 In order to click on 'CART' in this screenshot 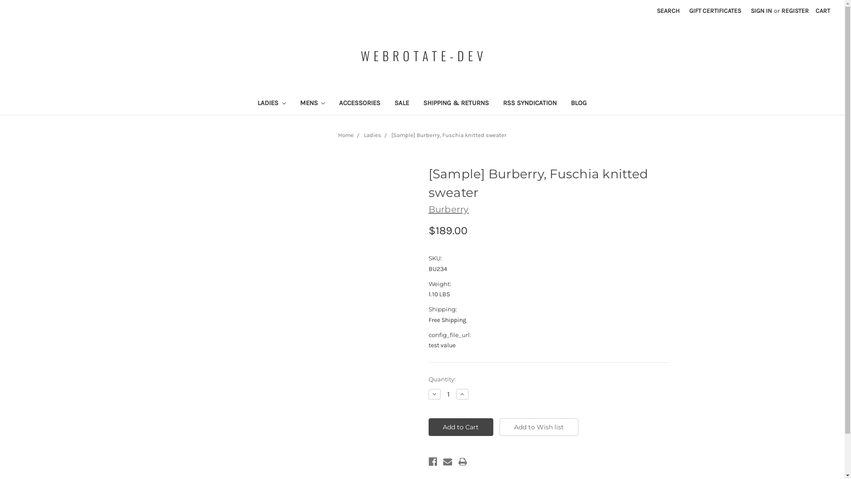, I will do `click(822, 11)`.